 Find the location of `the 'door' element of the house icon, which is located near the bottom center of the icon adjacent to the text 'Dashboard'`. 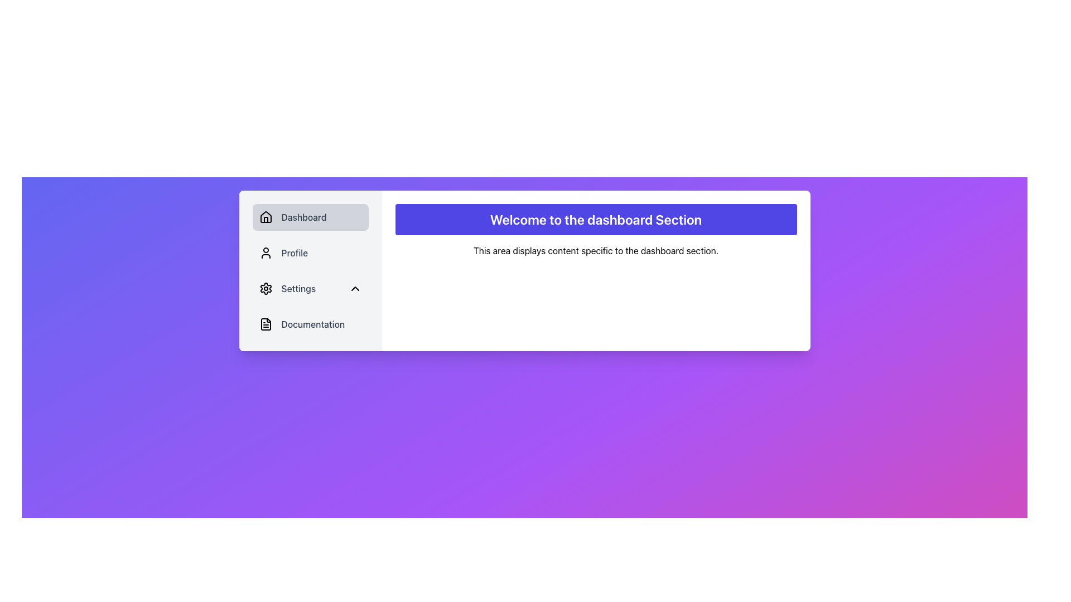

the 'door' element of the house icon, which is located near the bottom center of the icon adjacent to the text 'Dashboard' is located at coordinates (265, 220).